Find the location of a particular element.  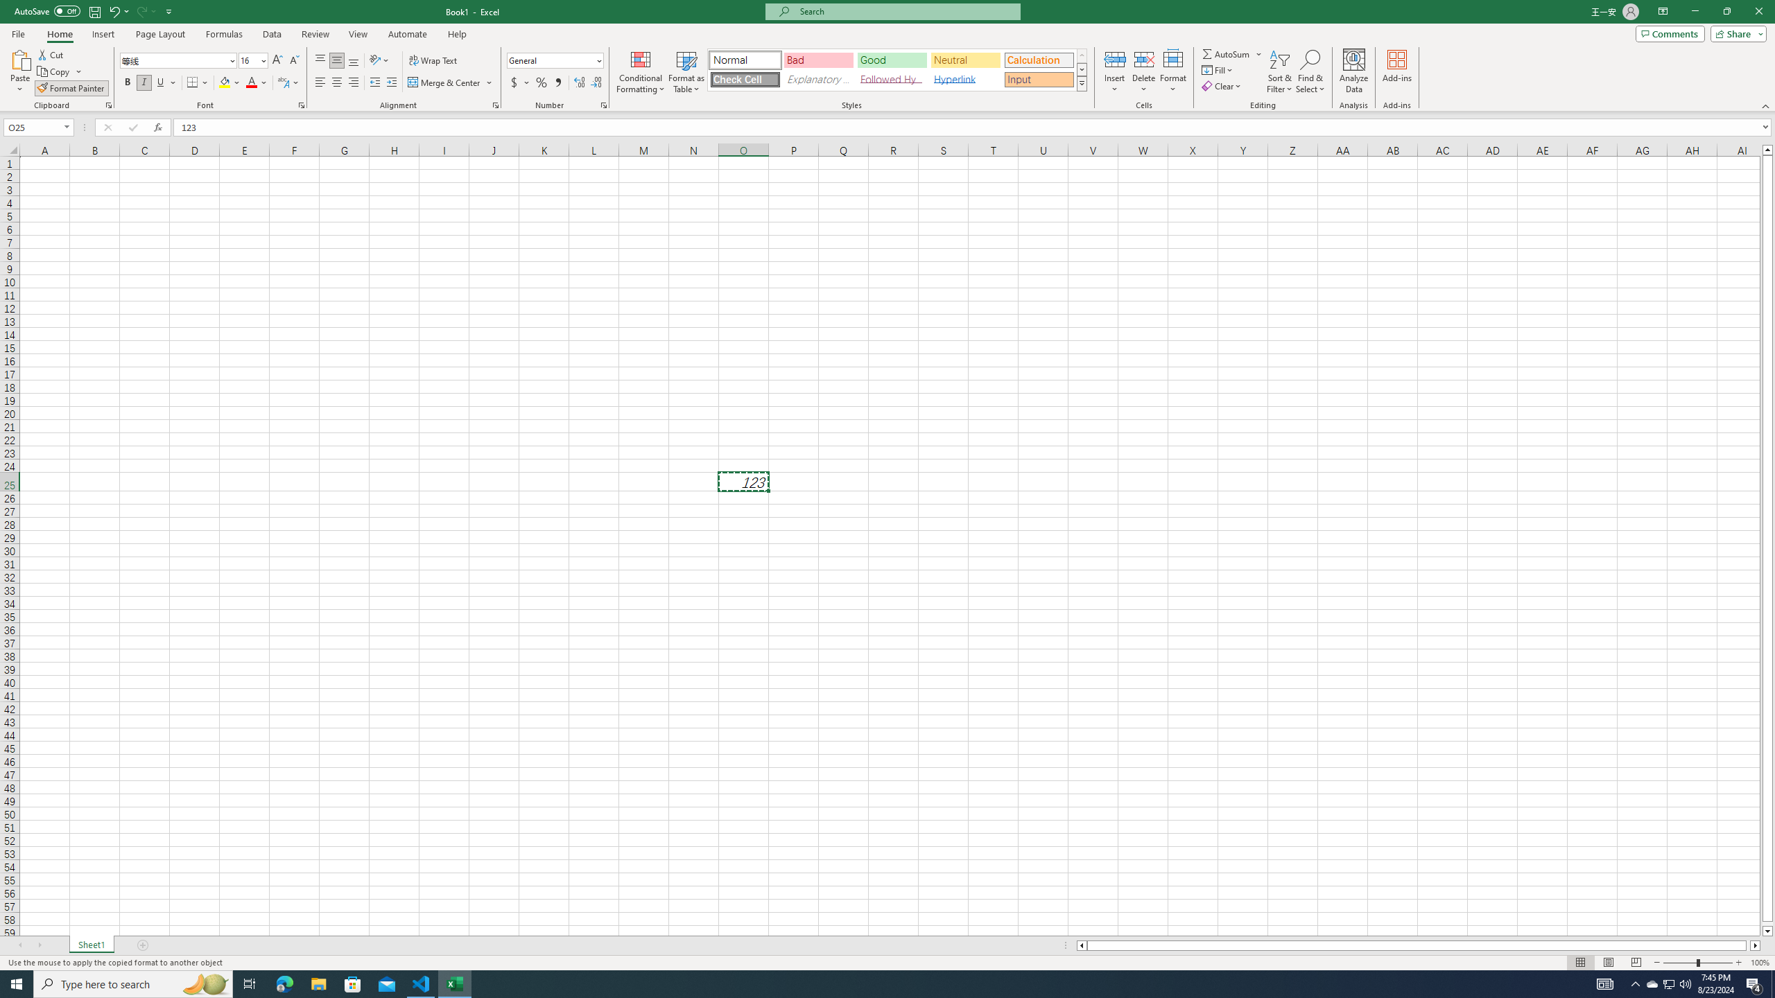

'Zoom Out' is located at coordinates (1679, 963).